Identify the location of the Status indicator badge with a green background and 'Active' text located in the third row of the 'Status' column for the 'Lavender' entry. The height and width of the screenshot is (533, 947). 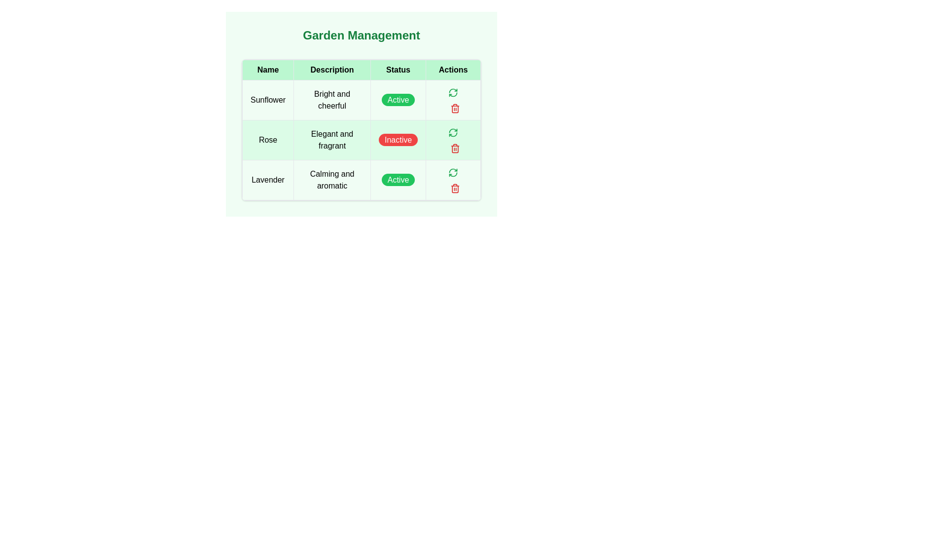
(398, 180).